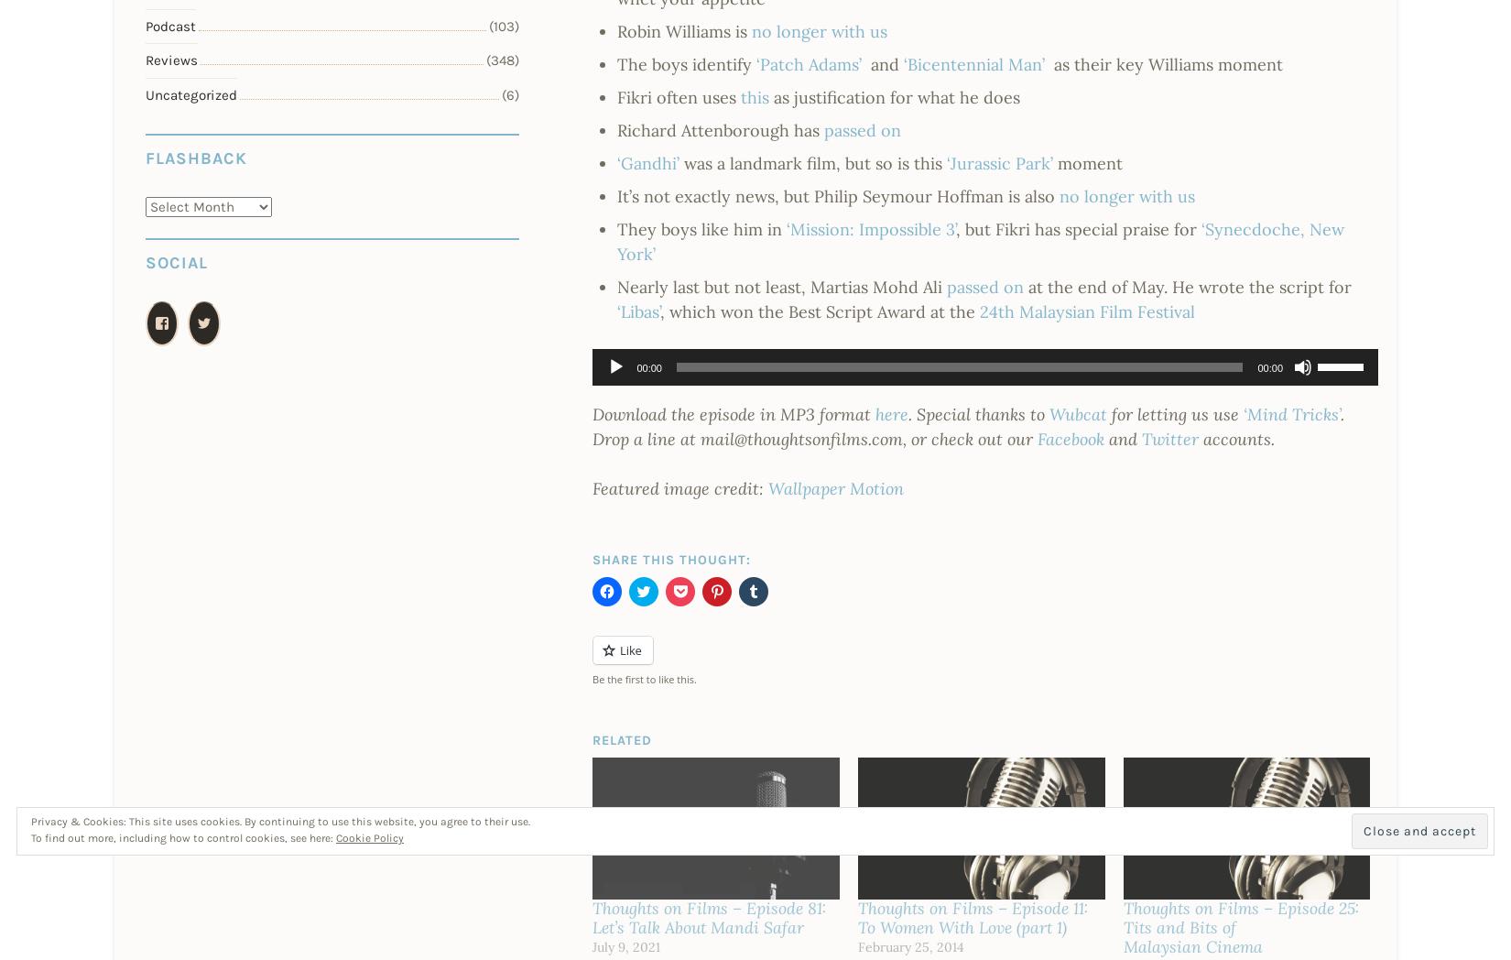  Describe the element at coordinates (503, 24) in the screenshot. I see `'(103)'` at that location.